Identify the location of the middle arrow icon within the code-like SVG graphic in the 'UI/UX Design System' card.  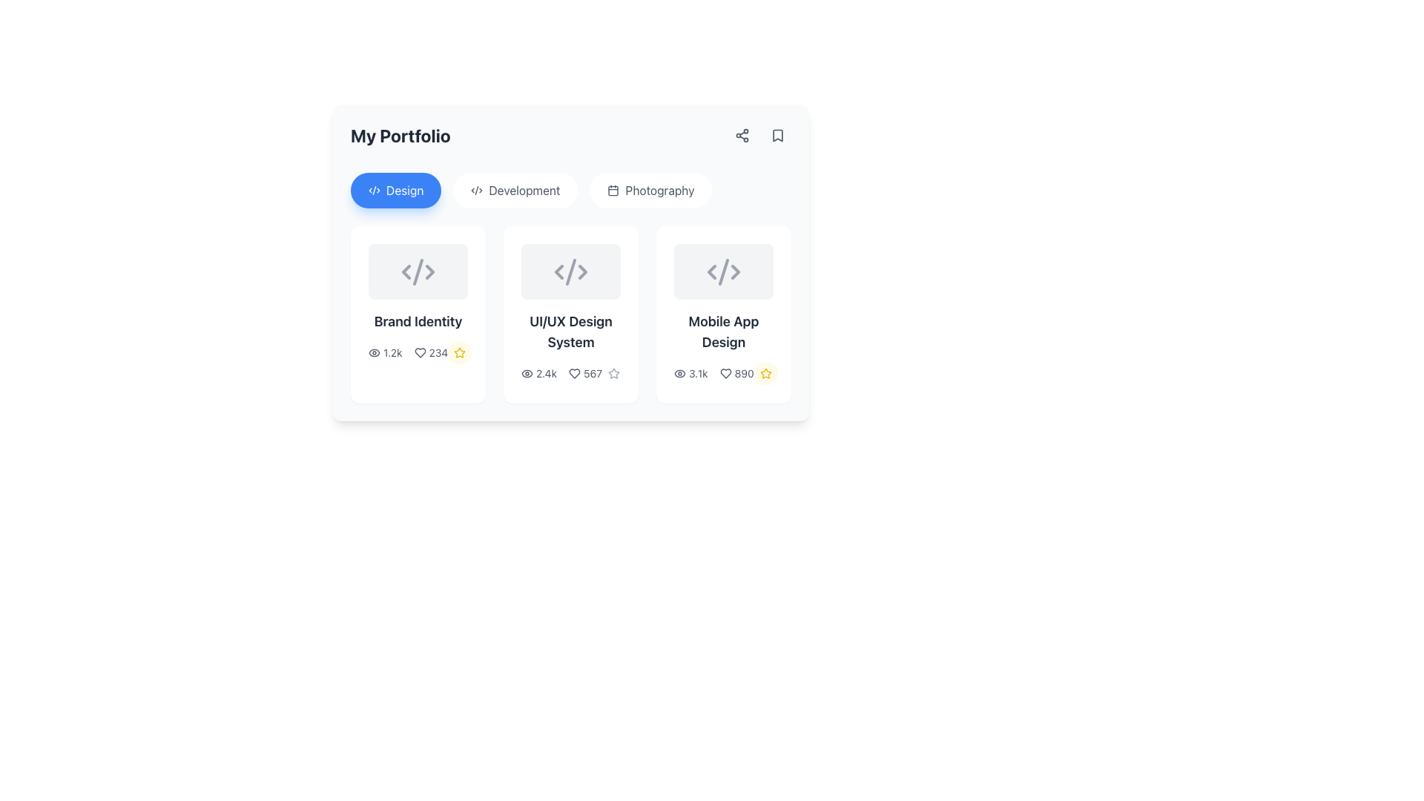
(570, 271).